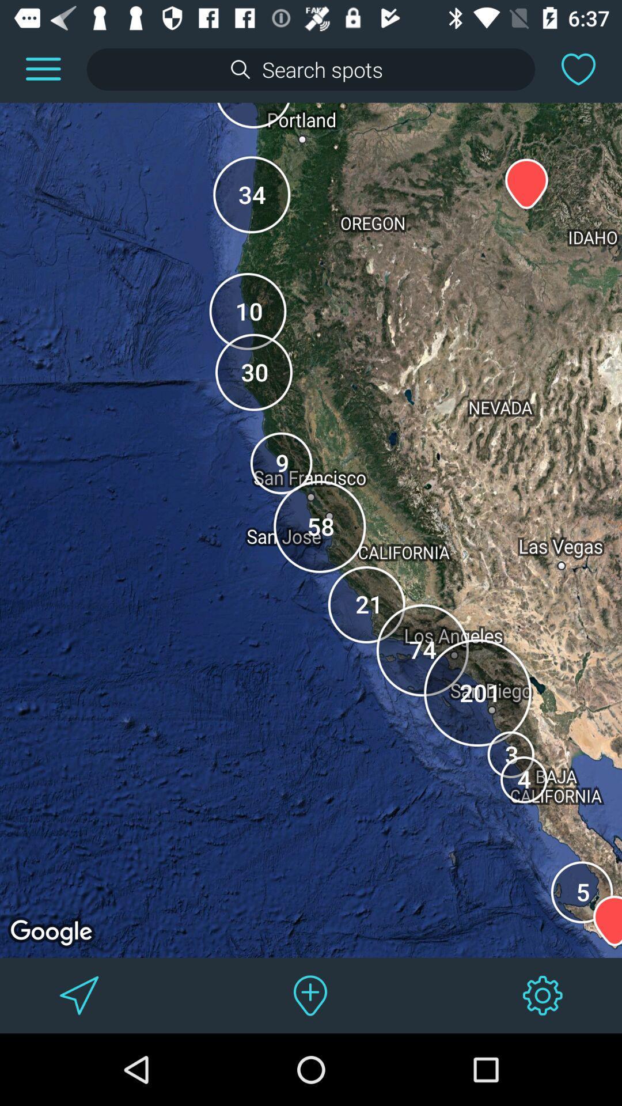 The width and height of the screenshot is (622, 1106). I want to click on search criteria, so click(311, 69).